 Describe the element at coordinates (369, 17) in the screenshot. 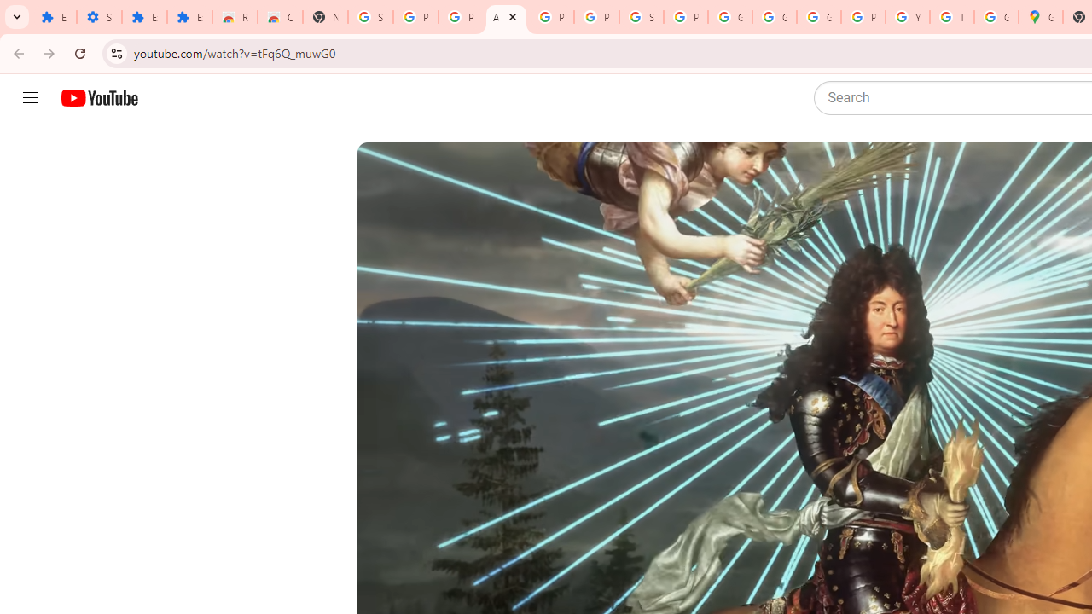

I see `'Sign in - Google Accounts'` at that location.